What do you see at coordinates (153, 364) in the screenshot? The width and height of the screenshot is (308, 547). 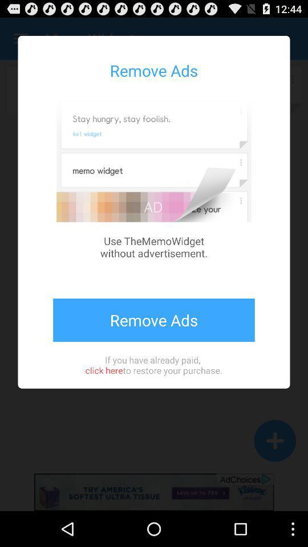 I see `the if you have icon` at bounding box center [153, 364].